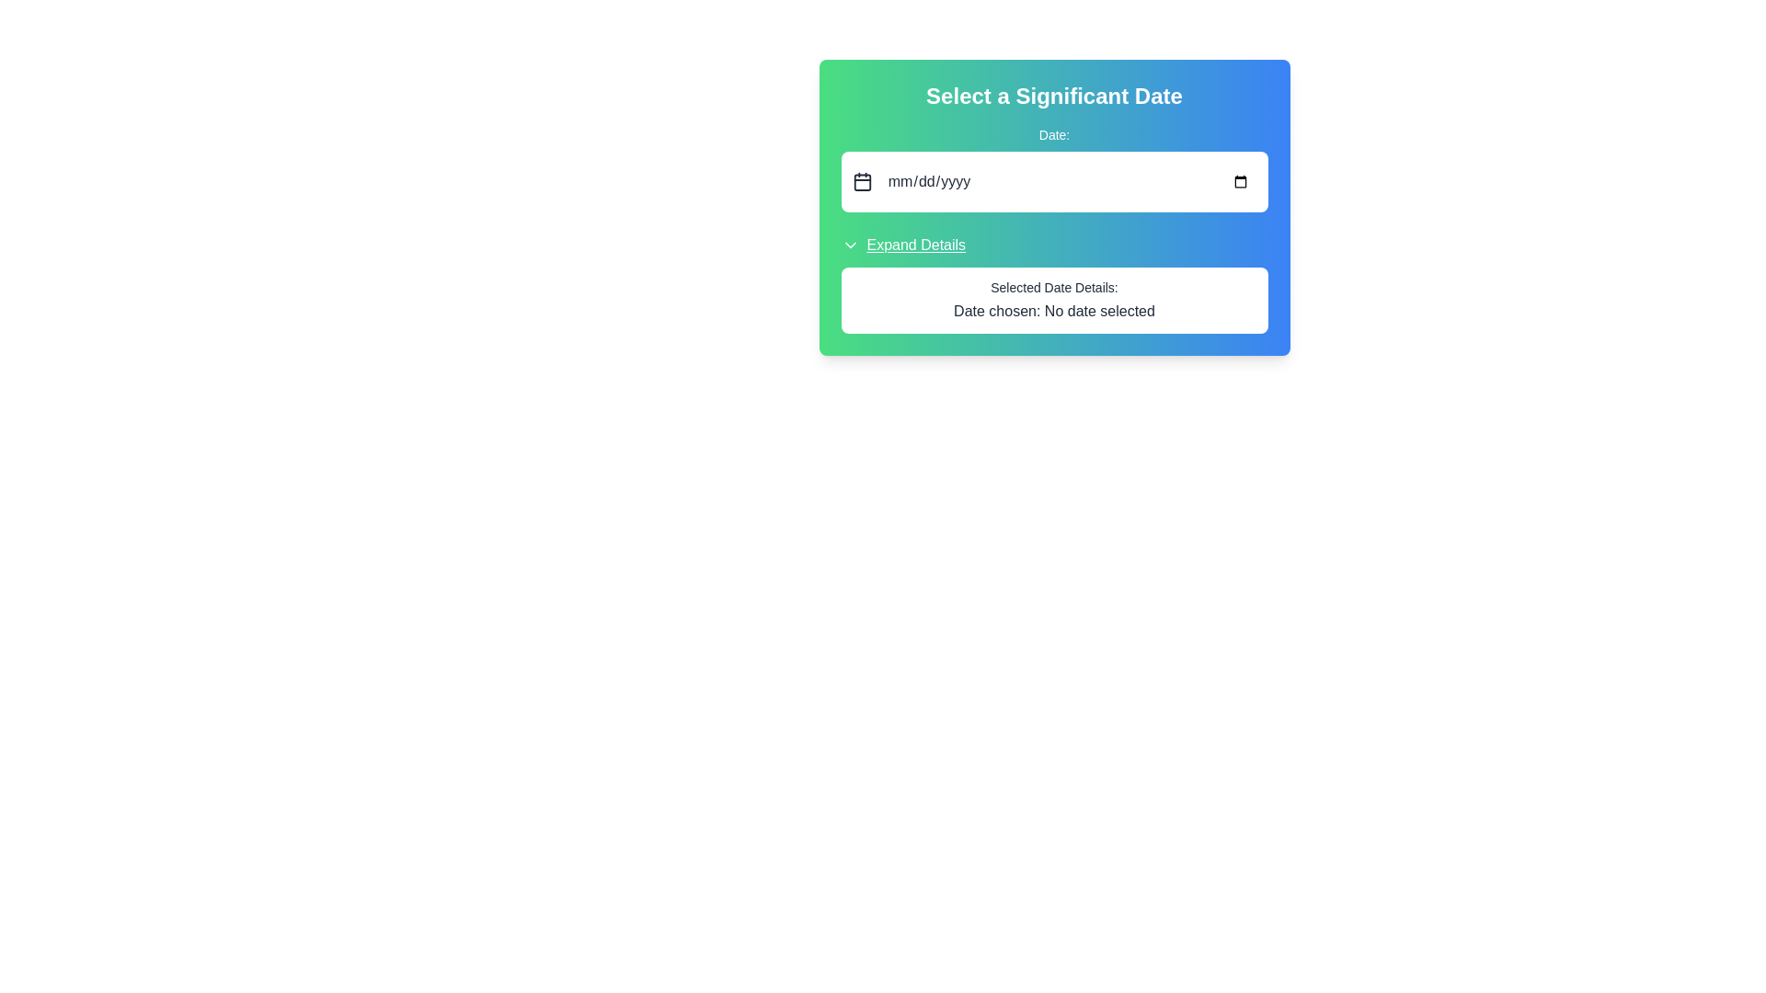 This screenshot has height=993, width=1766. What do you see at coordinates (861, 182) in the screenshot?
I see `the calendar icon, which is a square shape with rounded edges and a white fill, located to the left of the date input field labeled 'mm/dd/yyyy'` at bounding box center [861, 182].